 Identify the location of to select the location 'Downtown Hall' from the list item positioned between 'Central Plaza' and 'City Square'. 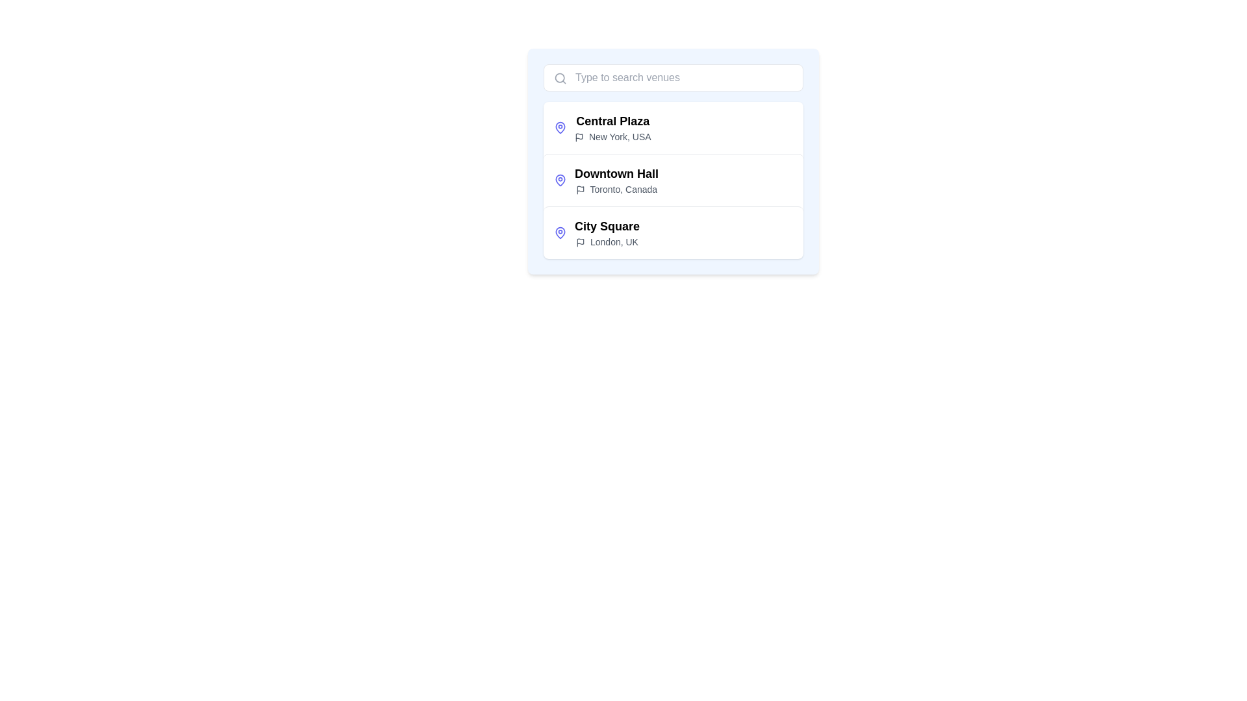
(673, 161).